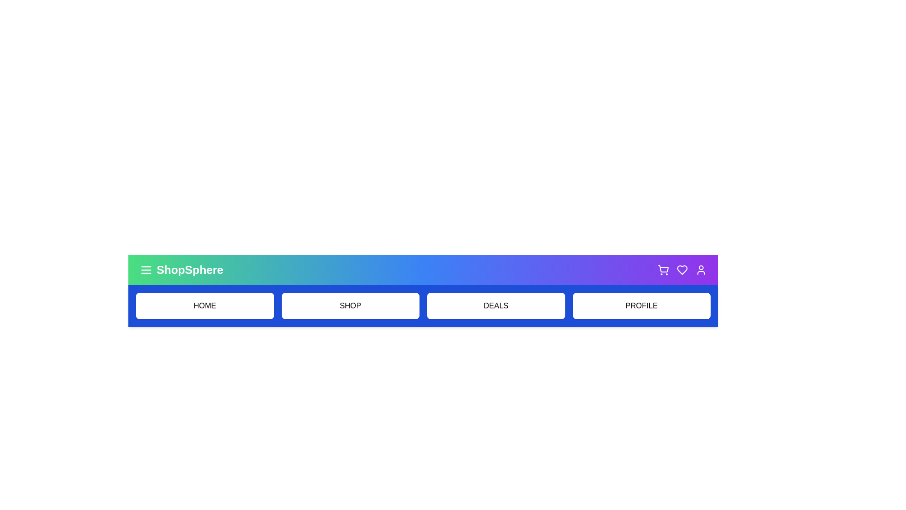 This screenshot has height=510, width=906. I want to click on the 'Profile' menu item, so click(641, 306).